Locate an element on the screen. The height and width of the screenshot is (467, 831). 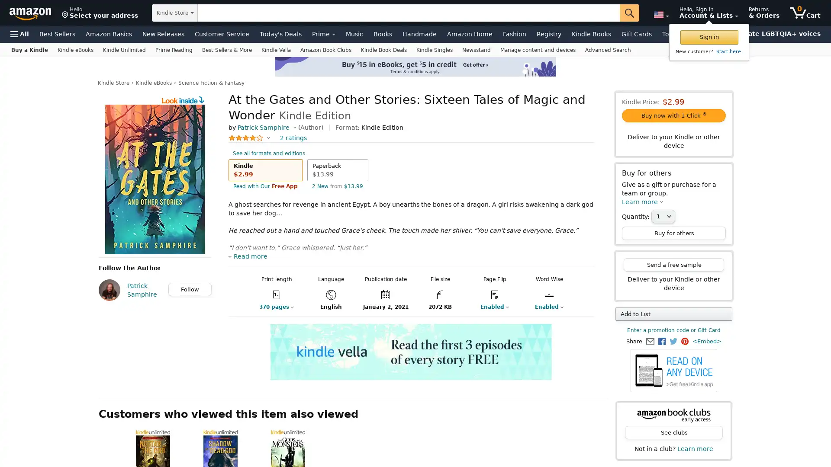
Enabled is located at coordinates (489, 306).